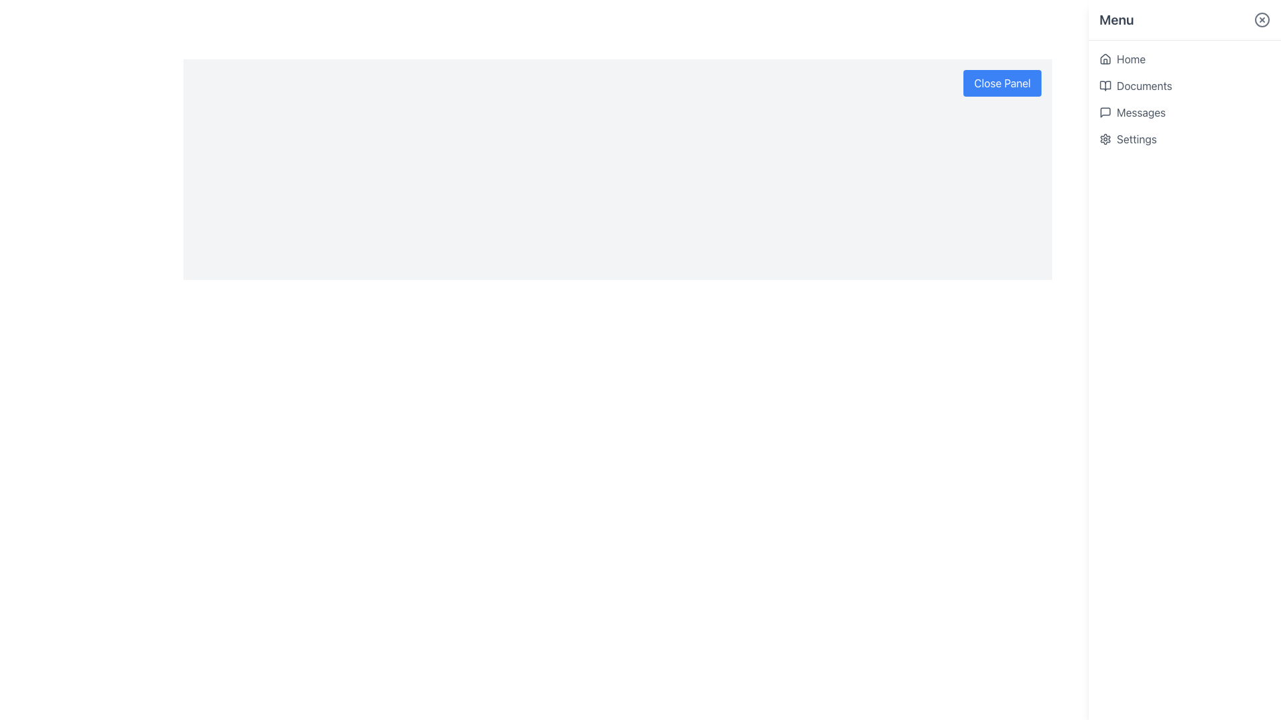  I want to click on the 'Home' icon, which is a graphical representation of a house, located at the top of the menu on the right-hand side of the interface, so click(1105, 58).